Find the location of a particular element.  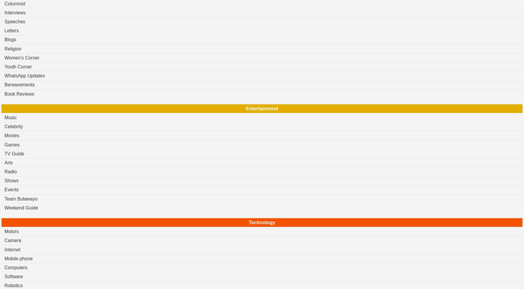

'Events' is located at coordinates (11, 189).